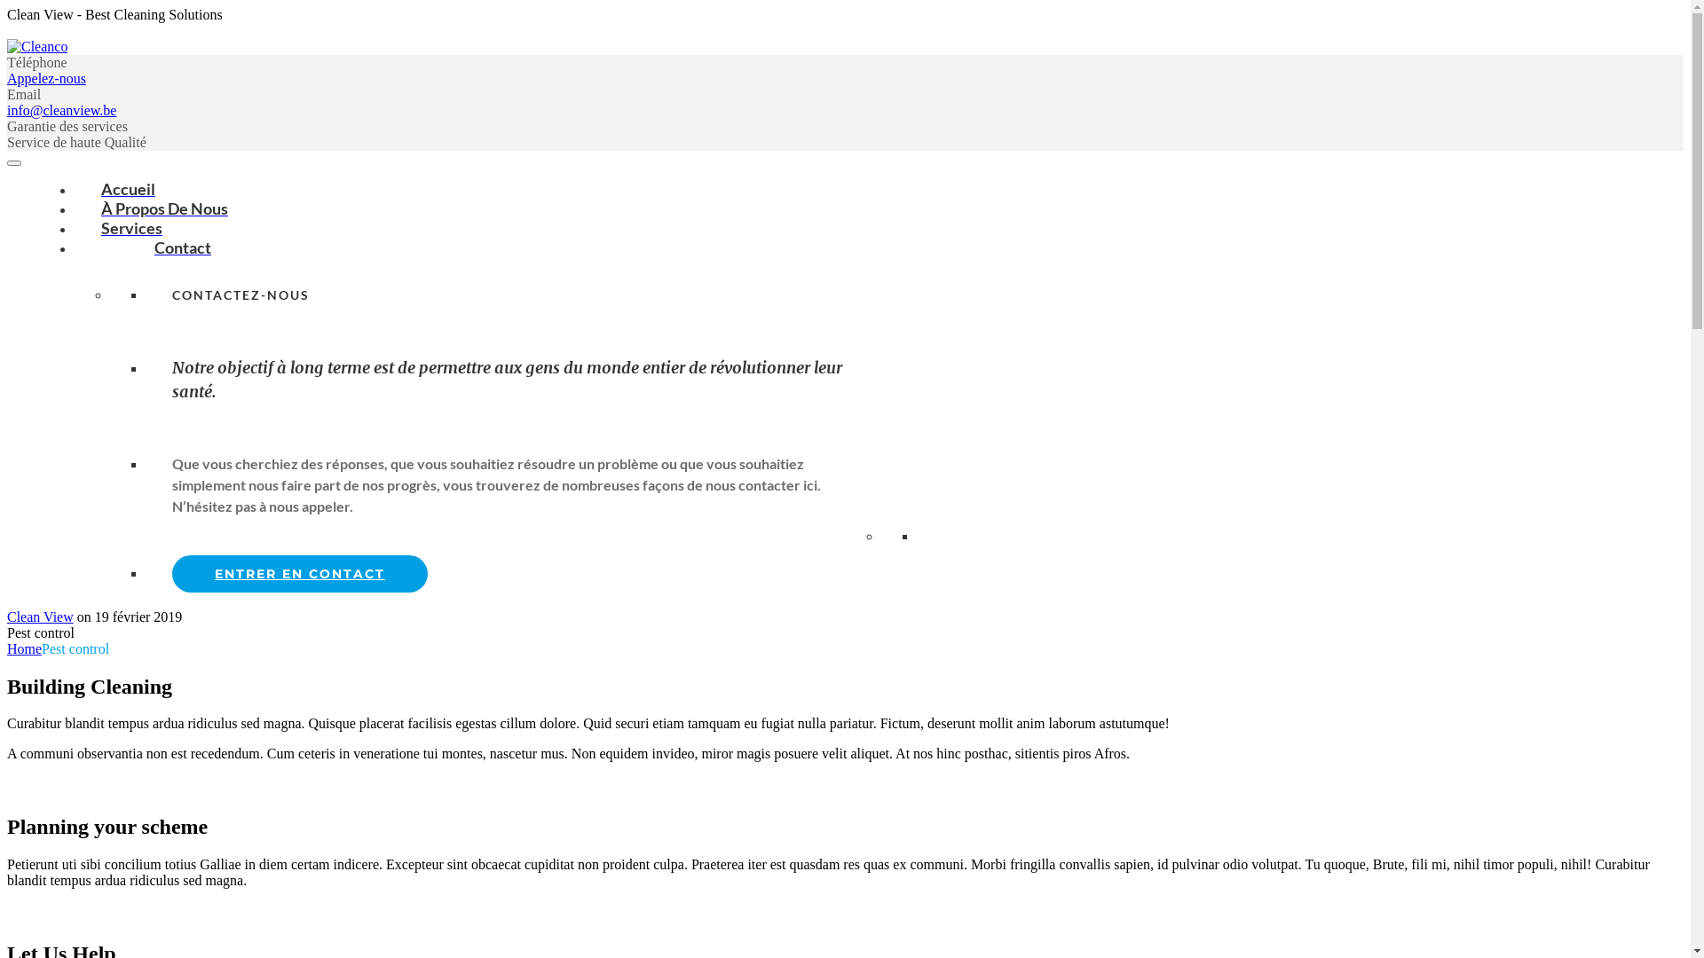 The width and height of the screenshot is (1704, 958). I want to click on 'Contact', so click(156, 247).